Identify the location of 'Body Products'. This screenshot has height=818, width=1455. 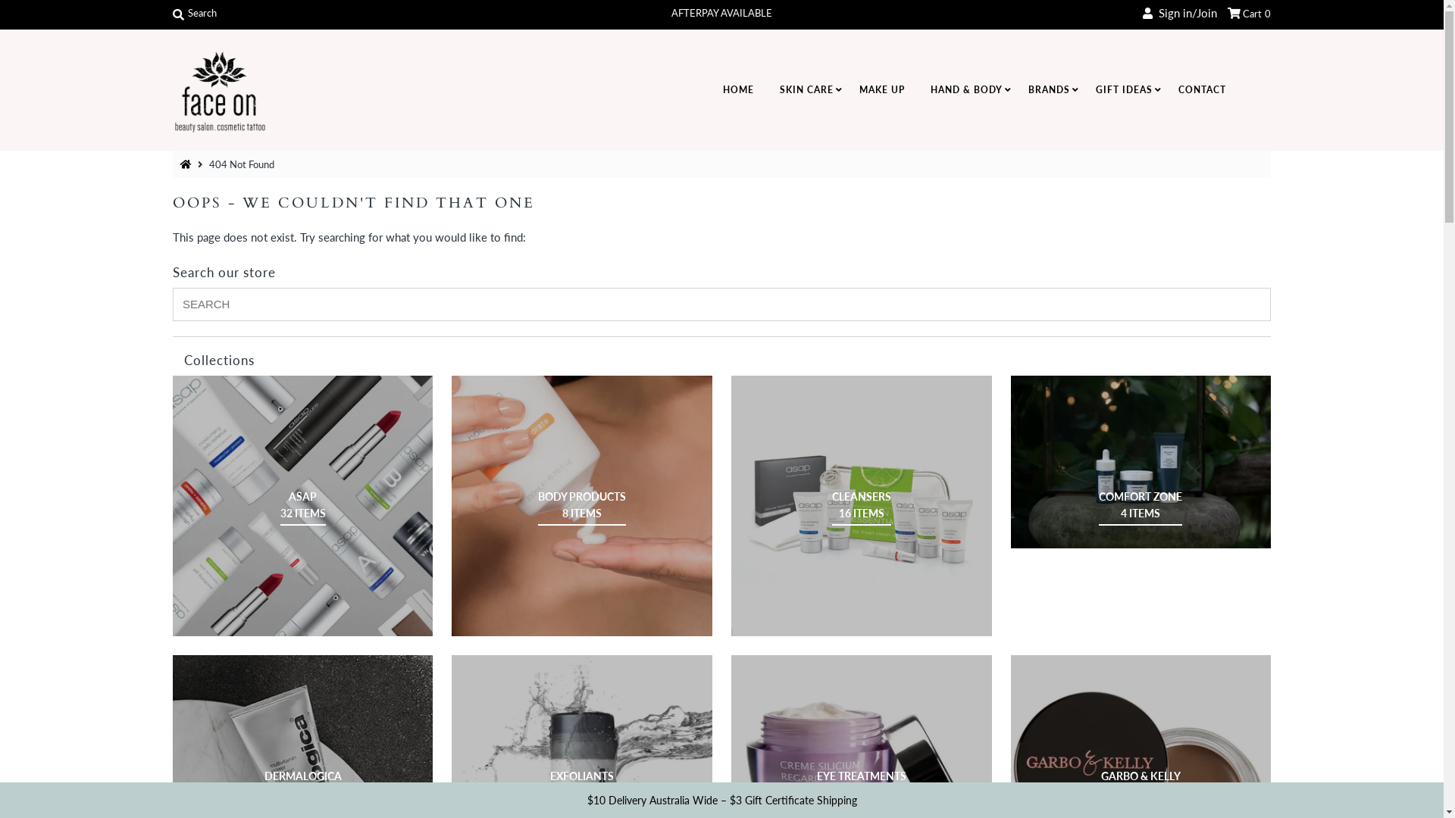
(581, 505).